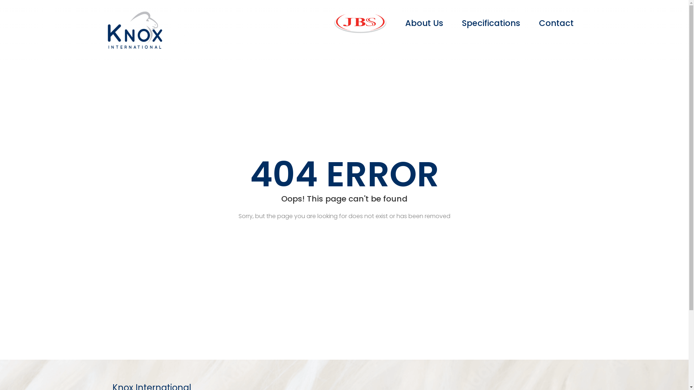 This screenshot has height=390, width=694. Describe the element at coordinates (555, 23) in the screenshot. I see `'Contact'` at that location.